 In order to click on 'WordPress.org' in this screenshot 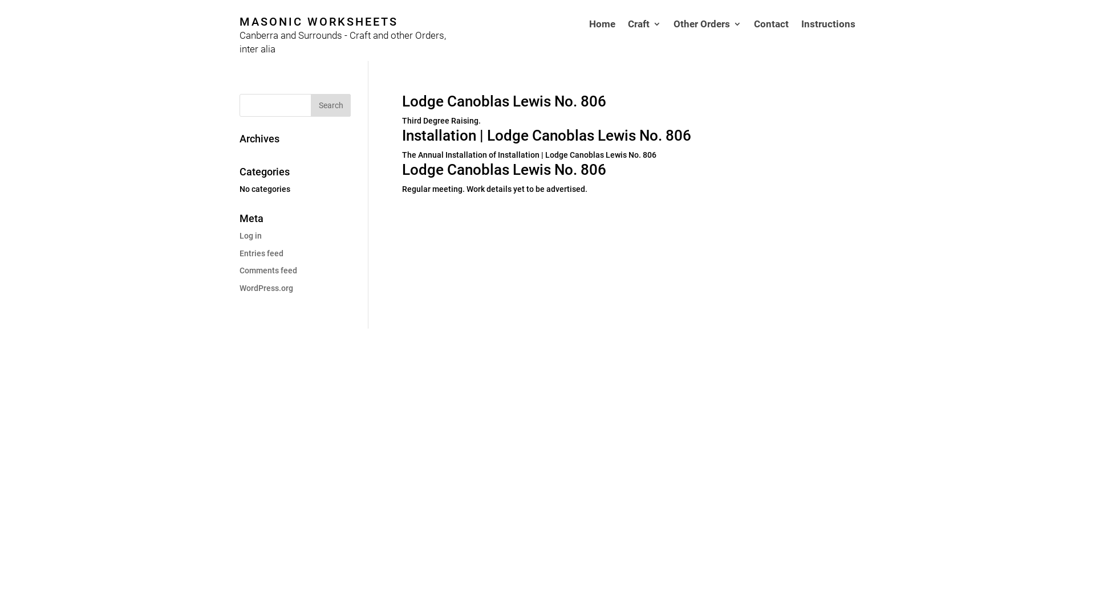, I will do `click(239, 287)`.